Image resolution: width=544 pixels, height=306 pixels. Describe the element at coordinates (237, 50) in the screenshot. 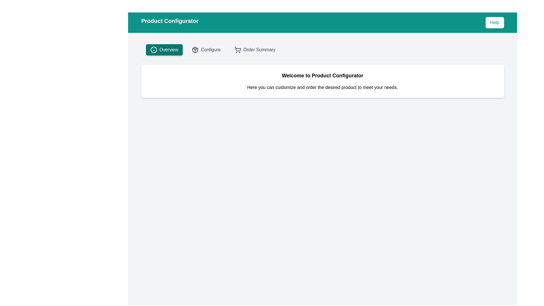

I see `the 'Order Summary' icon located in the horizontal navigation bar, which is positioned to the left of its text label and to the right of the 'Configure' button` at that location.